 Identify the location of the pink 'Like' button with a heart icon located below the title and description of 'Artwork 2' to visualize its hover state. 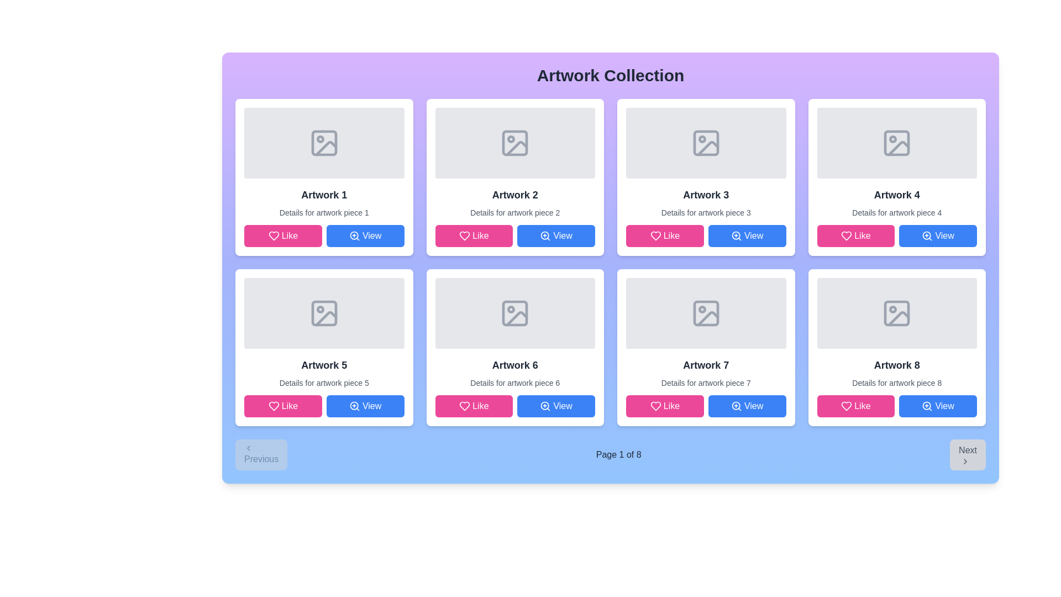
(474, 235).